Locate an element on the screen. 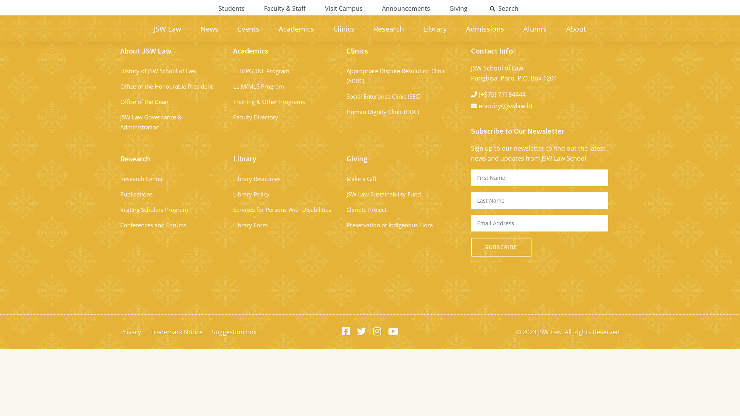 This screenshot has width=740, height=416. 'LL.M/MLS Program' is located at coordinates (259, 86).